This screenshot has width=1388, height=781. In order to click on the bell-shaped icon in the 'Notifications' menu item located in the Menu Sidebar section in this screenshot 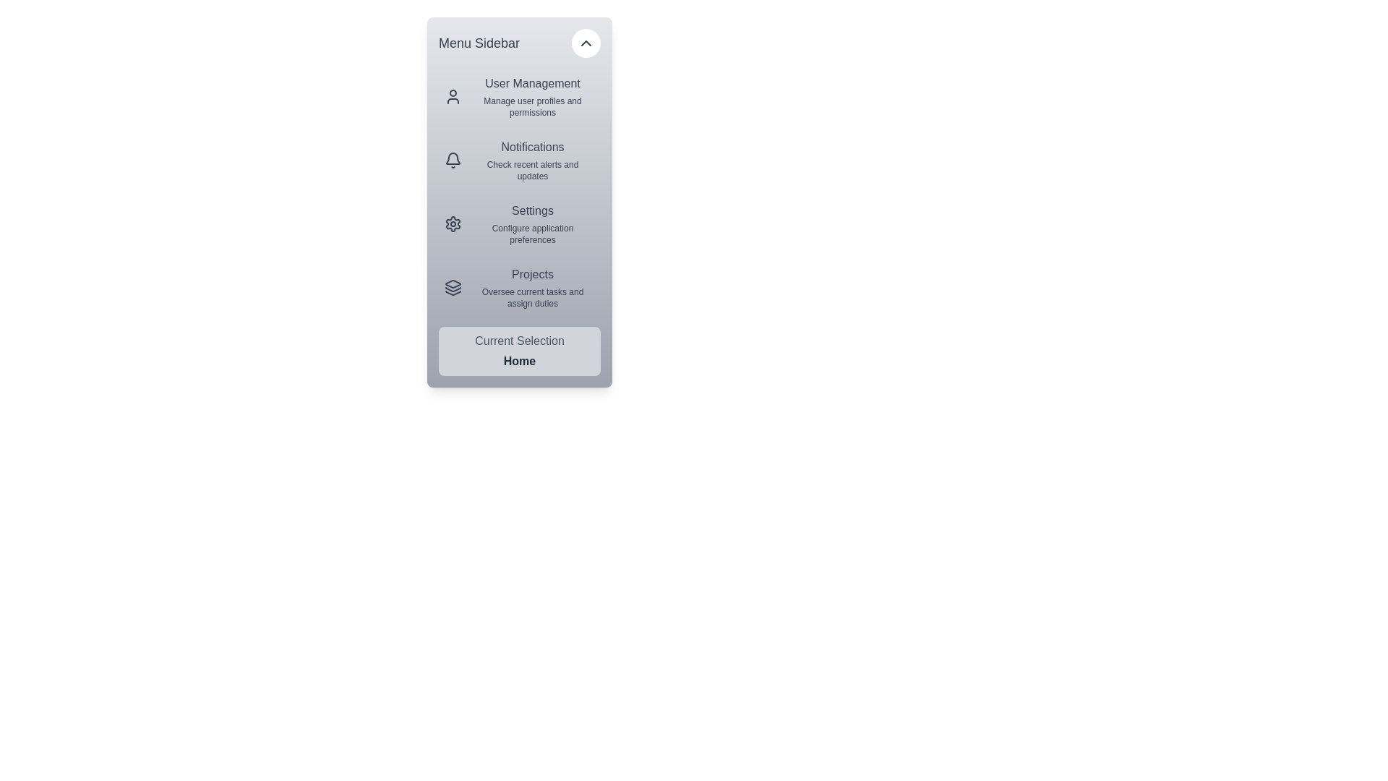, I will do `click(453, 161)`.